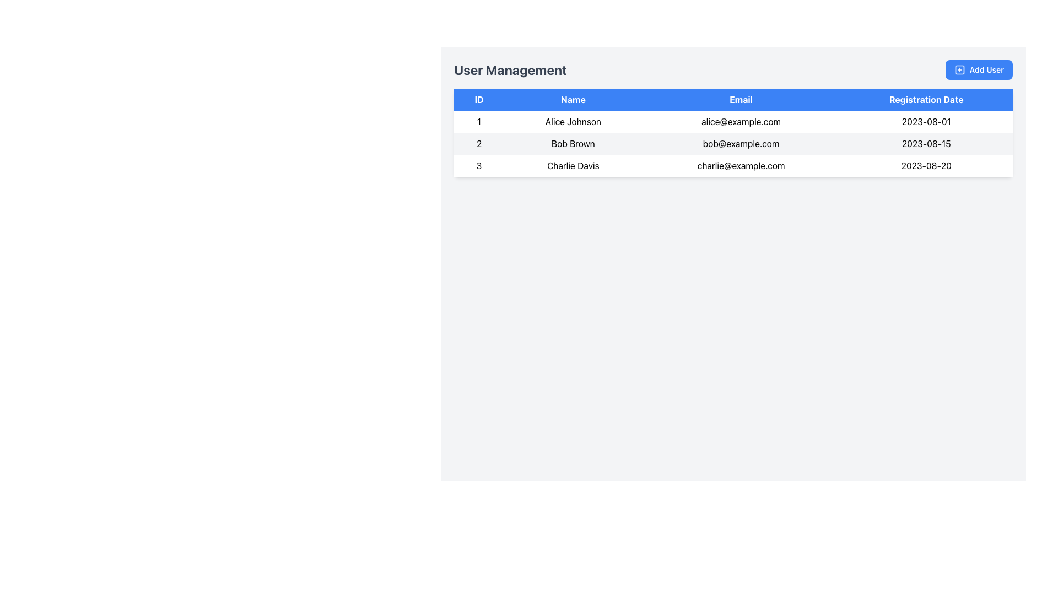 The image size is (1058, 595). Describe the element at coordinates (573, 143) in the screenshot. I see `the text label 'Bob Brown' in the second row of the table under the 'Name' column, which is styled in medium-sized black text on a light gray background` at that location.